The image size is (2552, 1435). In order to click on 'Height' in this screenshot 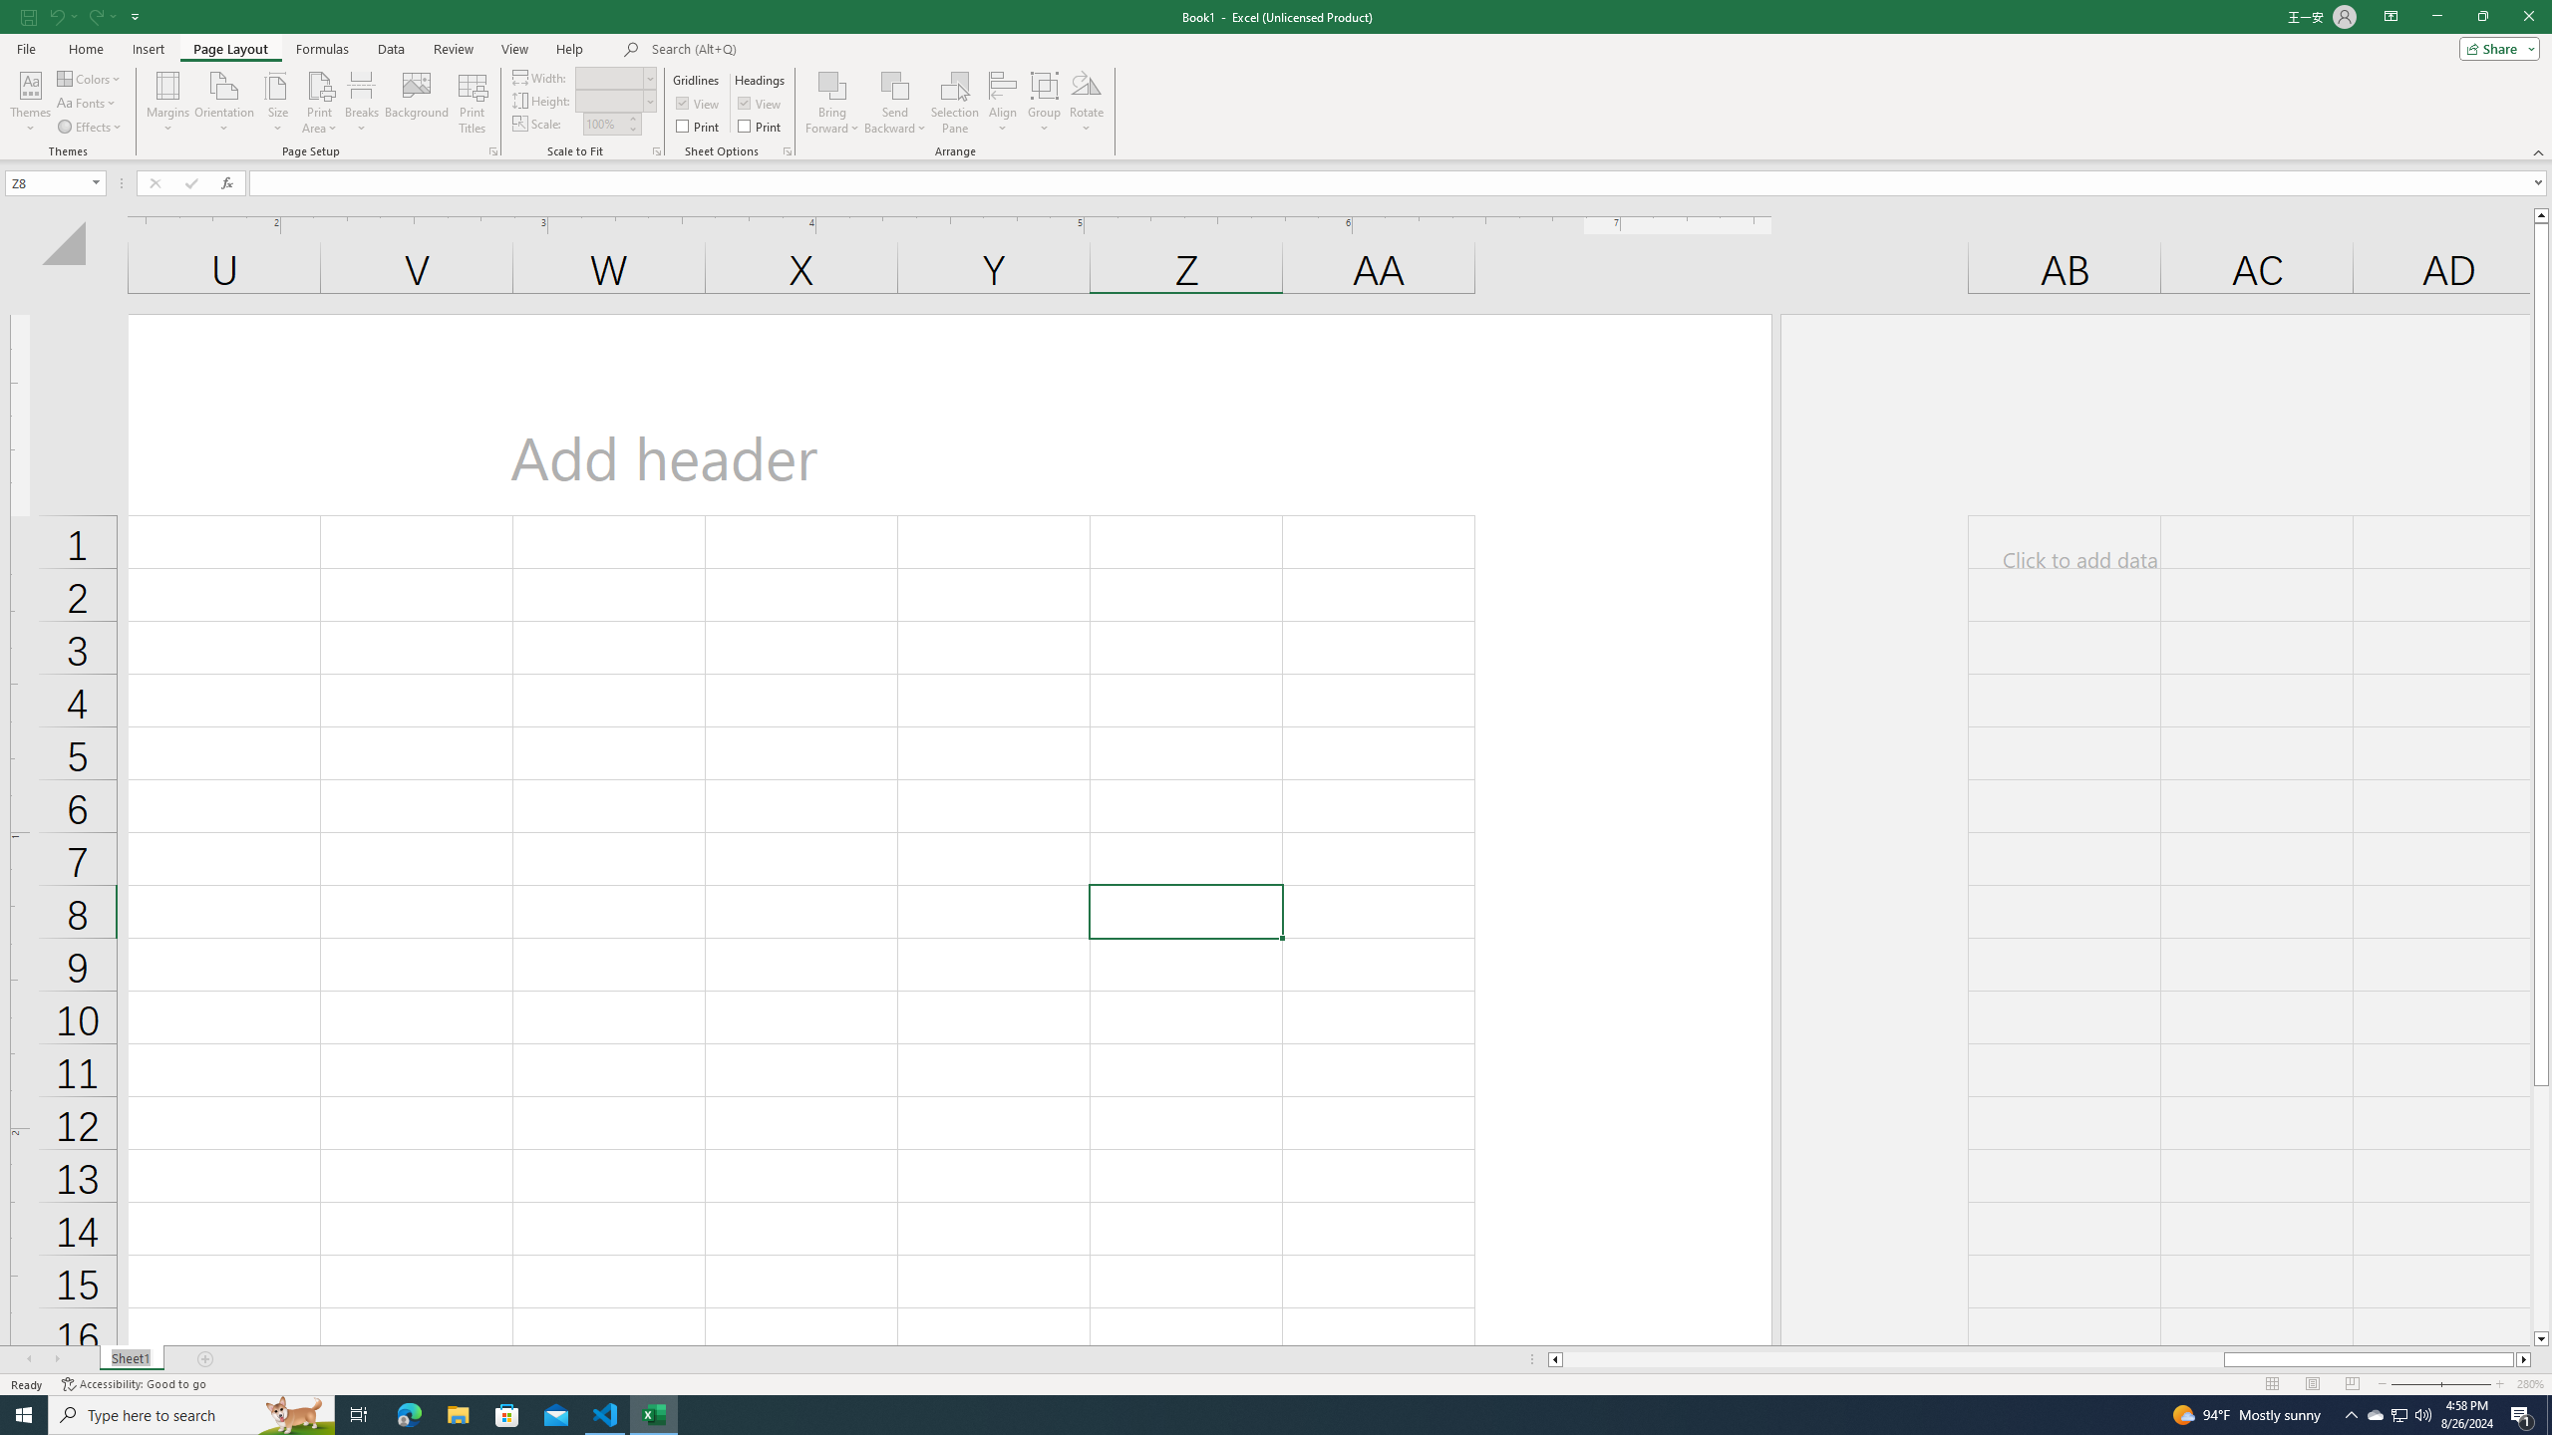, I will do `click(613, 99)`.